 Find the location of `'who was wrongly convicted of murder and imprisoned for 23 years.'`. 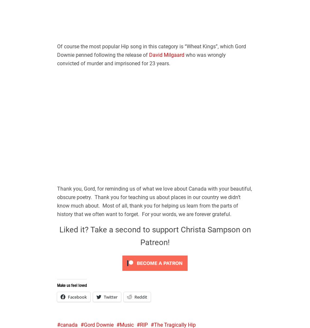

'who was wrongly convicted of murder and imprisoned for 23 years.' is located at coordinates (141, 58).